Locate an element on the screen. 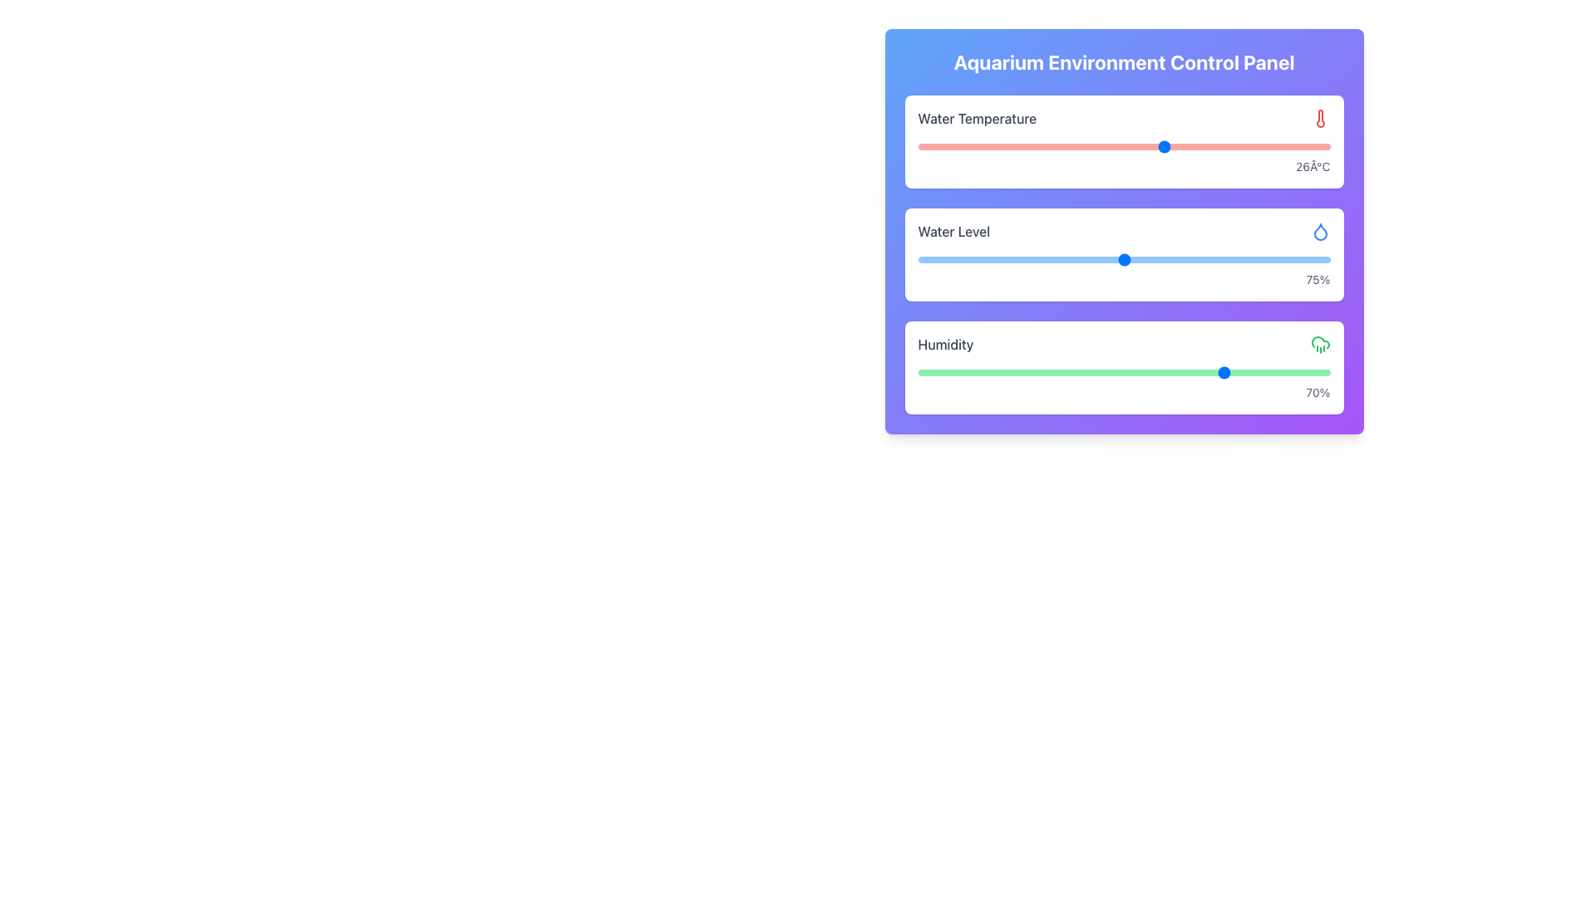 The height and width of the screenshot is (897, 1596). the water level is located at coordinates (1198, 259).